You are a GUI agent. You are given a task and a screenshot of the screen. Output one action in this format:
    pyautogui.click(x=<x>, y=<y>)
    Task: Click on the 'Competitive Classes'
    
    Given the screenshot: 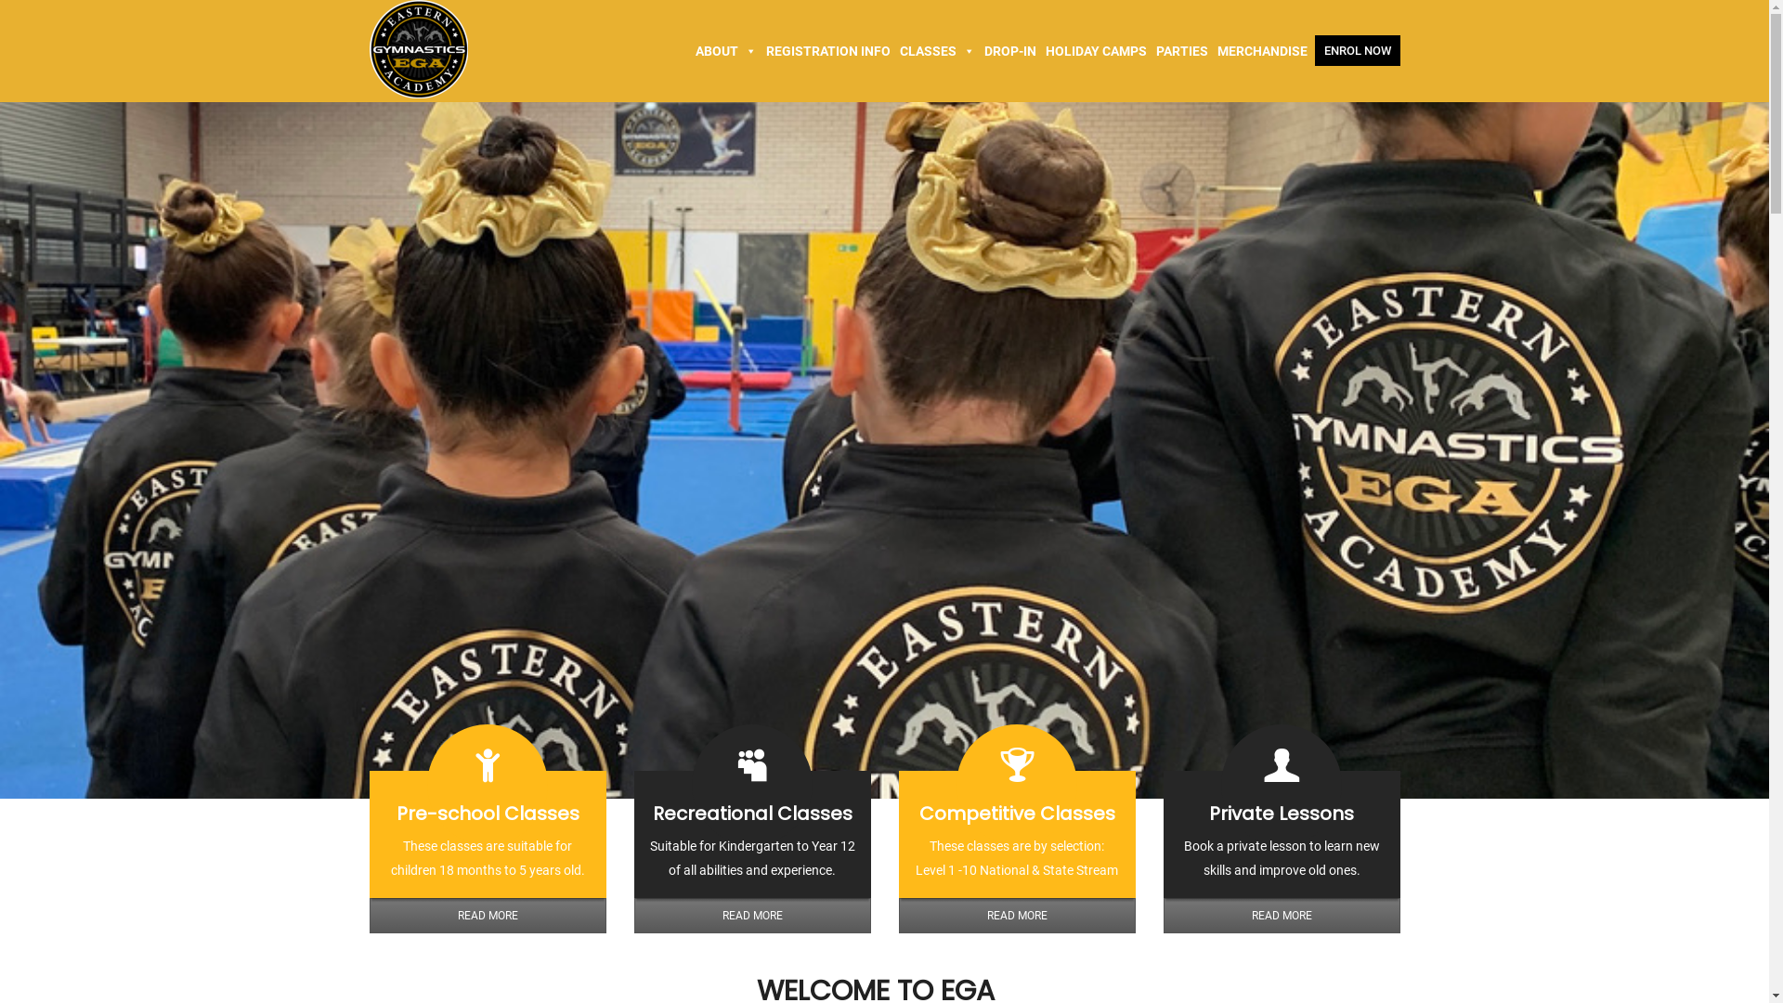 What is the action you would take?
    pyautogui.click(x=1016, y=812)
    